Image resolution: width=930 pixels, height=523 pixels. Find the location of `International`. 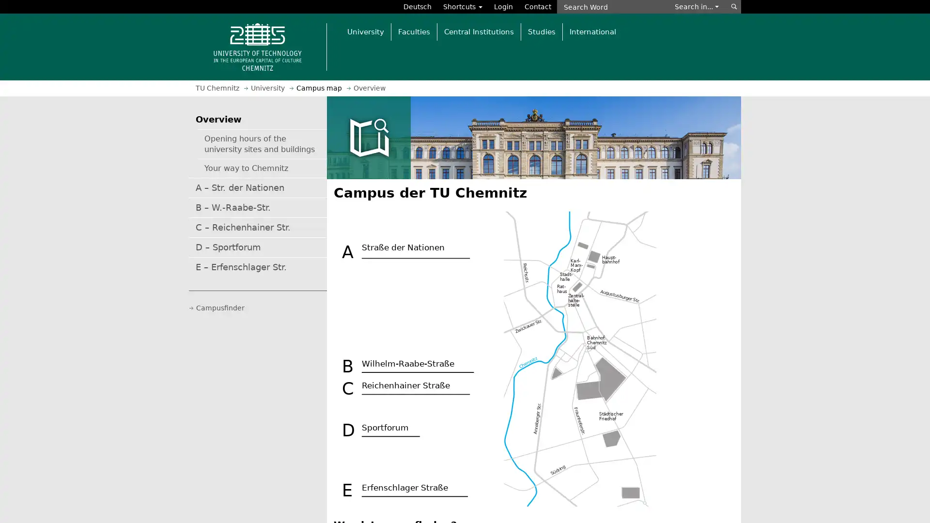

International is located at coordinates (592, 31).